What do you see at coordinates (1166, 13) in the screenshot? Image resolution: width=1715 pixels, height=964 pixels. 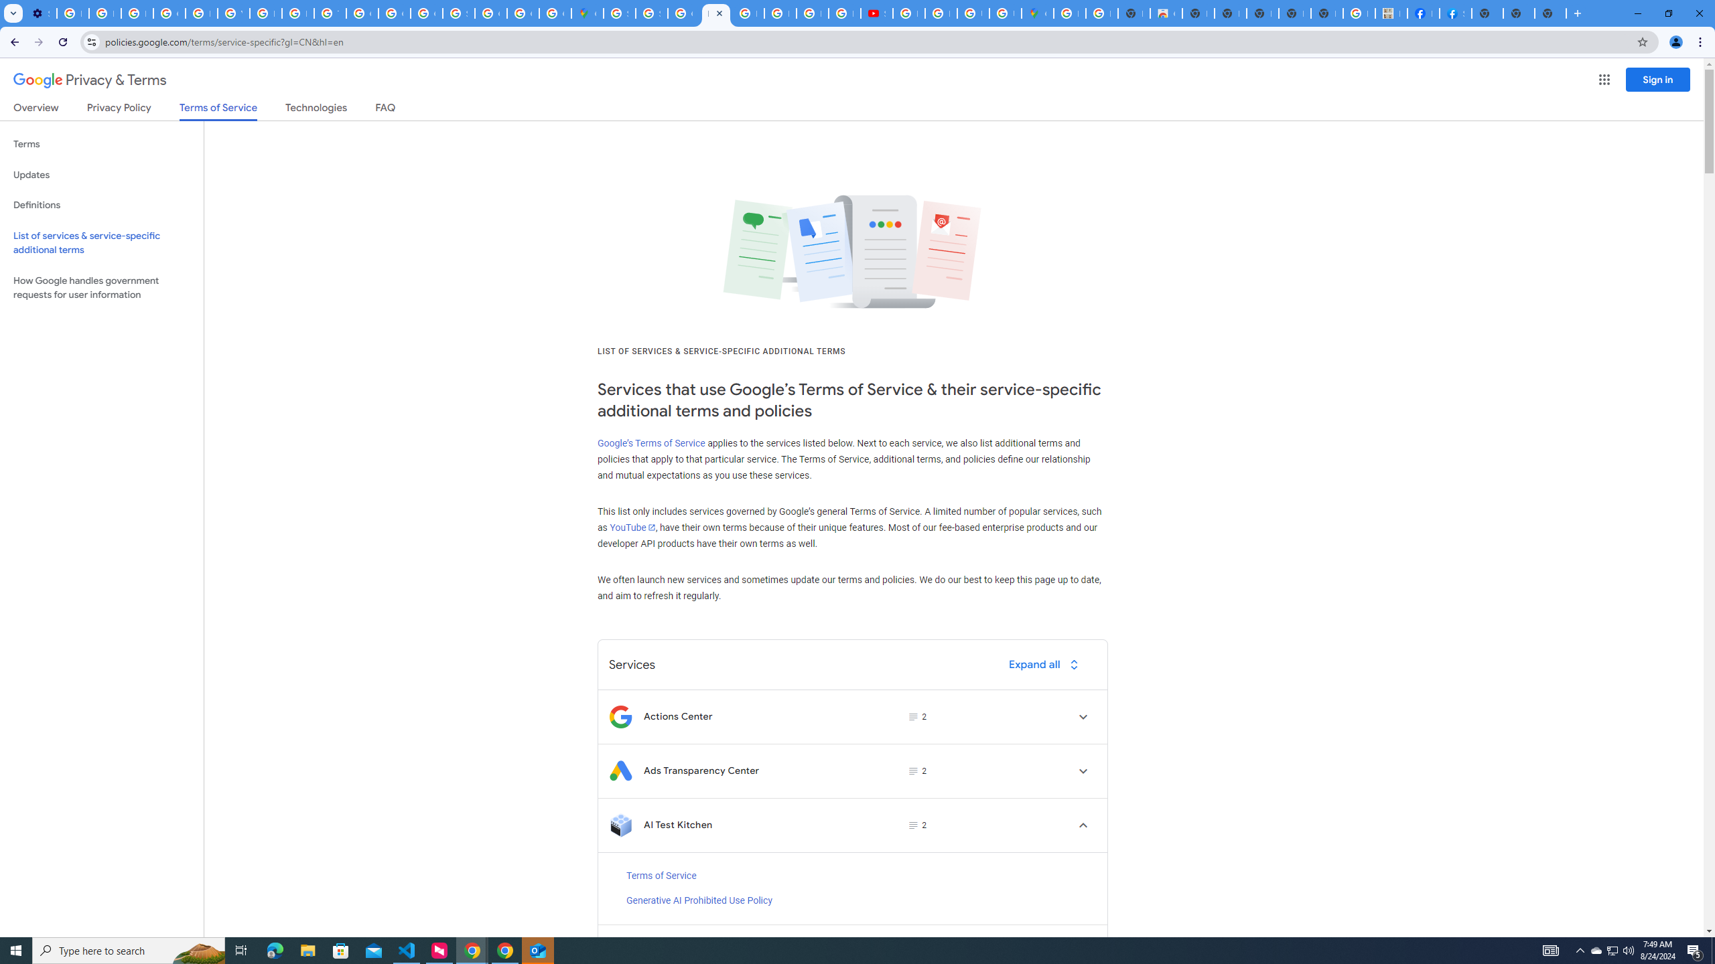 I see `'Chrome Web Store'` at bounding box center [1166, 13].